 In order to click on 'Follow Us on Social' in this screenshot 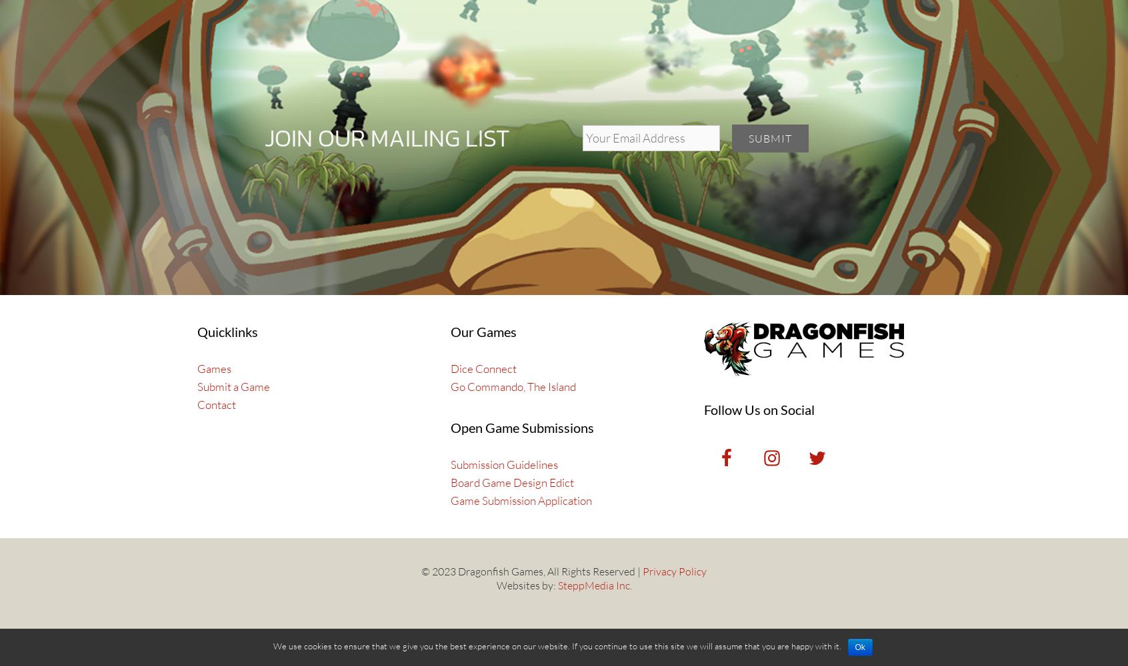, I will do `click(702, 409)`.